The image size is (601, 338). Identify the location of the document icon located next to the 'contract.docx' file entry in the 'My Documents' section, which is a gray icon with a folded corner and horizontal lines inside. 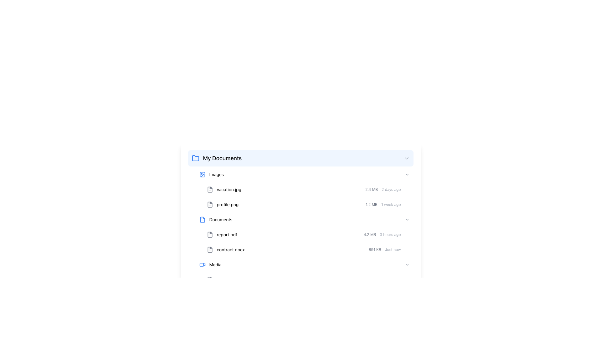
(210, 249).